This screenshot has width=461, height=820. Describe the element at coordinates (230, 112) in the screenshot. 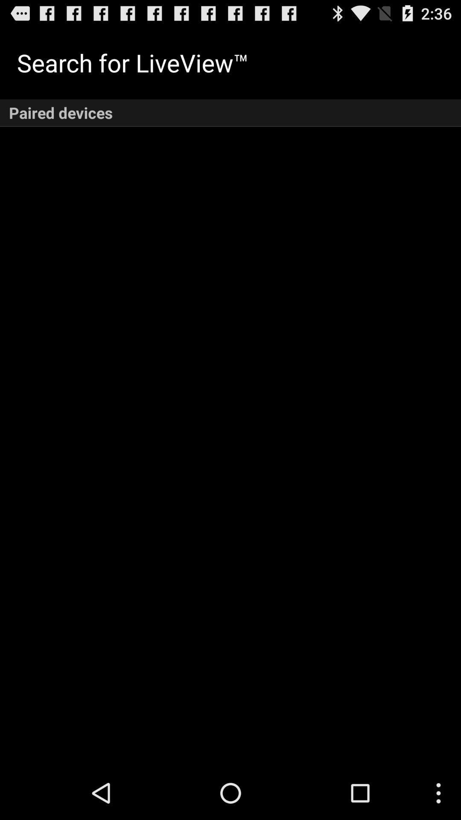

I see `app at the top` at that location.